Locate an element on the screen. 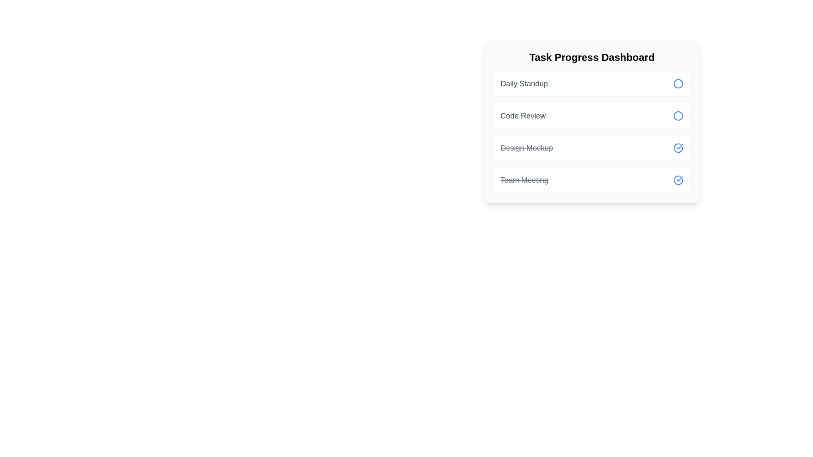 This screenshot has width=813, height=457. the circular icon button on the right side of the 'Code Review' task row is located at coordinates (678, 116).